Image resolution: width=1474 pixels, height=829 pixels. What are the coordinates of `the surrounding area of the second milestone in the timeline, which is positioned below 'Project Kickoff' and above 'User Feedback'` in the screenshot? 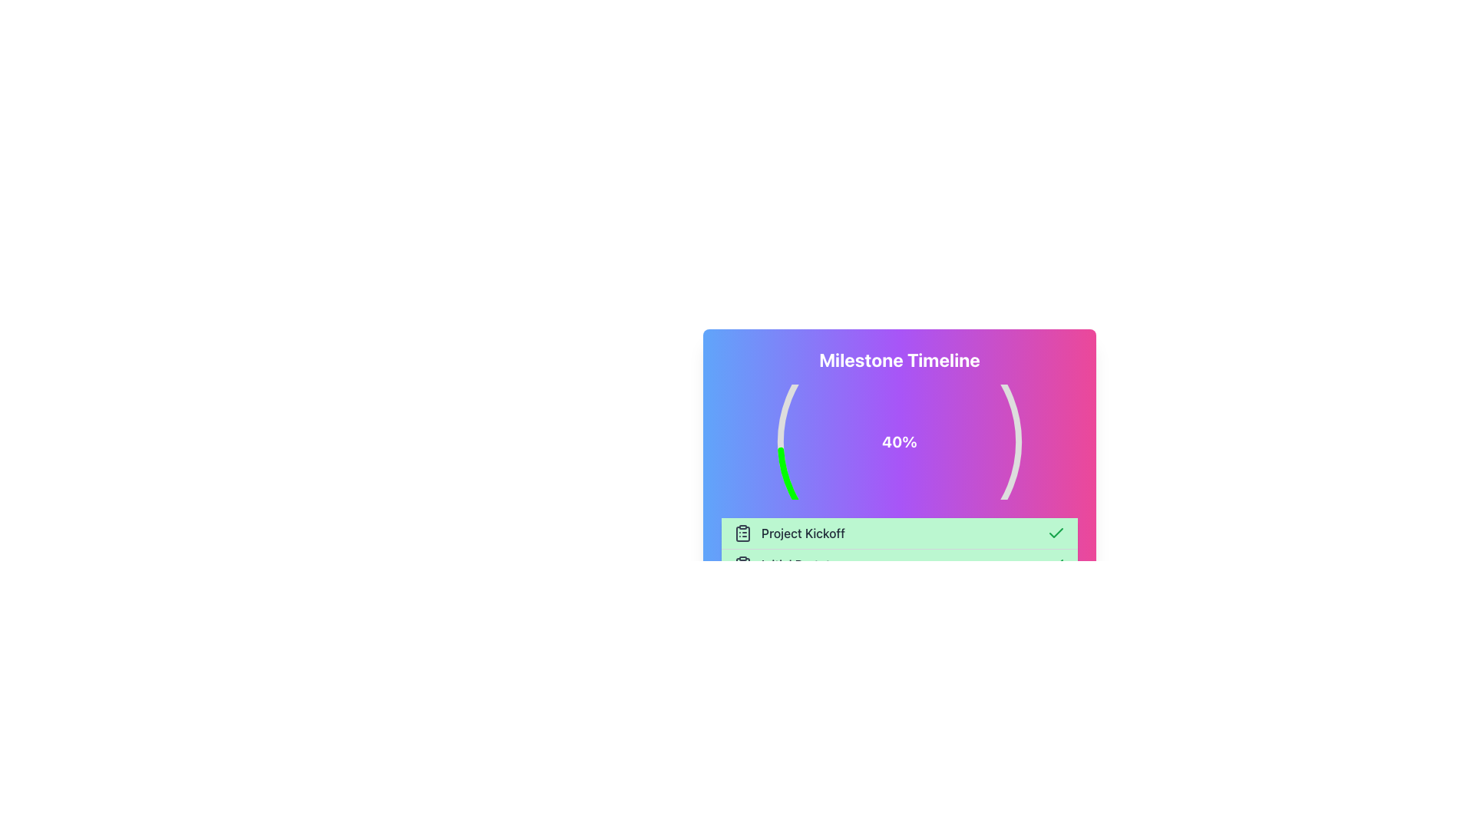 It's located at (899, 565).